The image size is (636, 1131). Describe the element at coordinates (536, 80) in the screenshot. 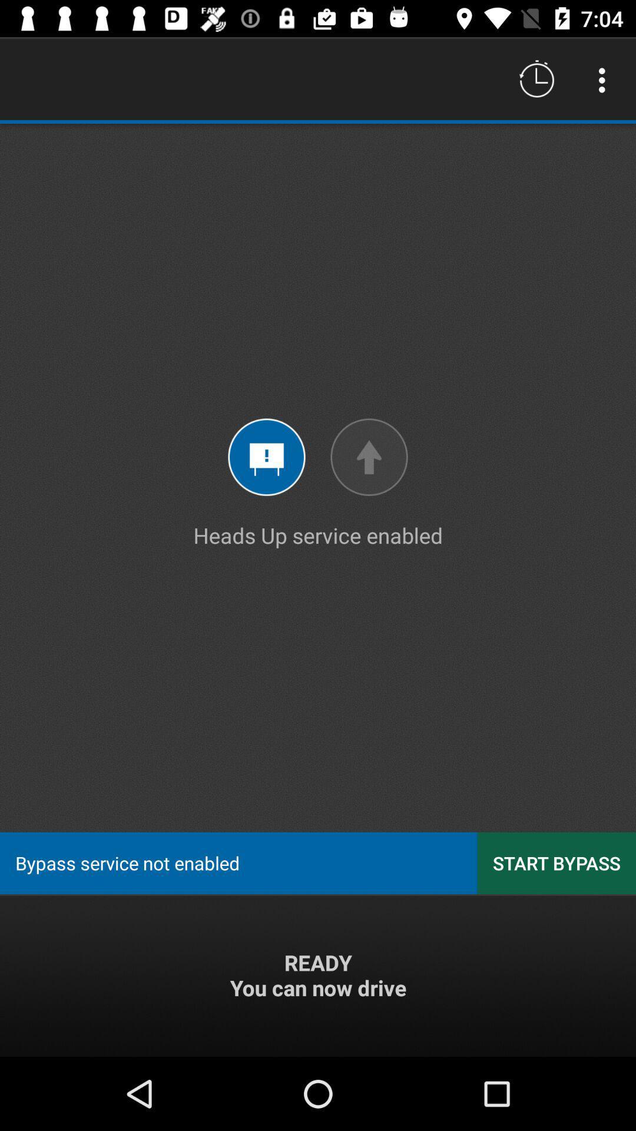

I see `the icon above heads up service icon` at that location.